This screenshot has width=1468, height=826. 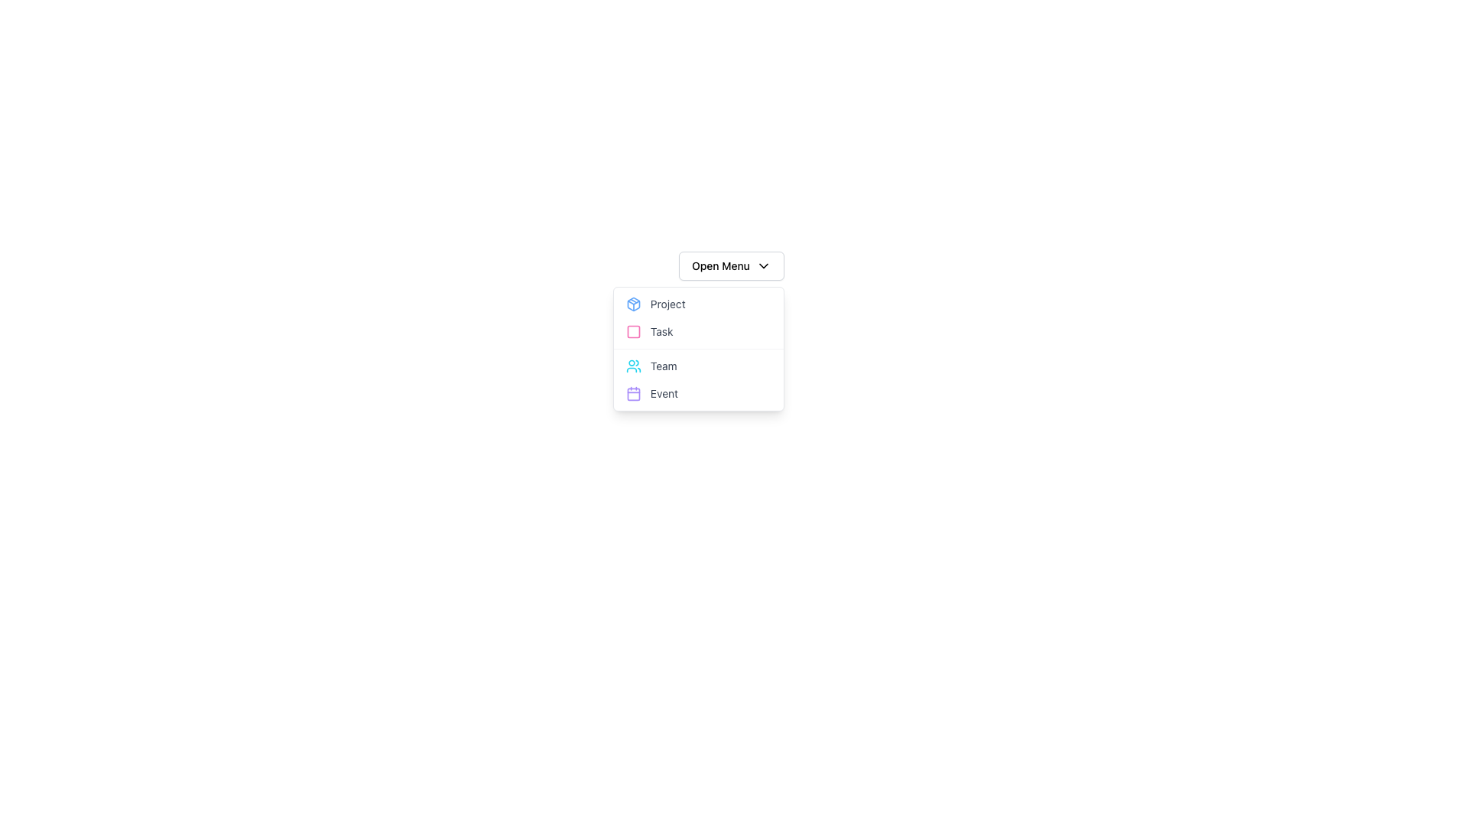 I want to click on the fourth button in the dropdown menu that navigates to the 'Event' section of the application, so click(x=697, y=393).